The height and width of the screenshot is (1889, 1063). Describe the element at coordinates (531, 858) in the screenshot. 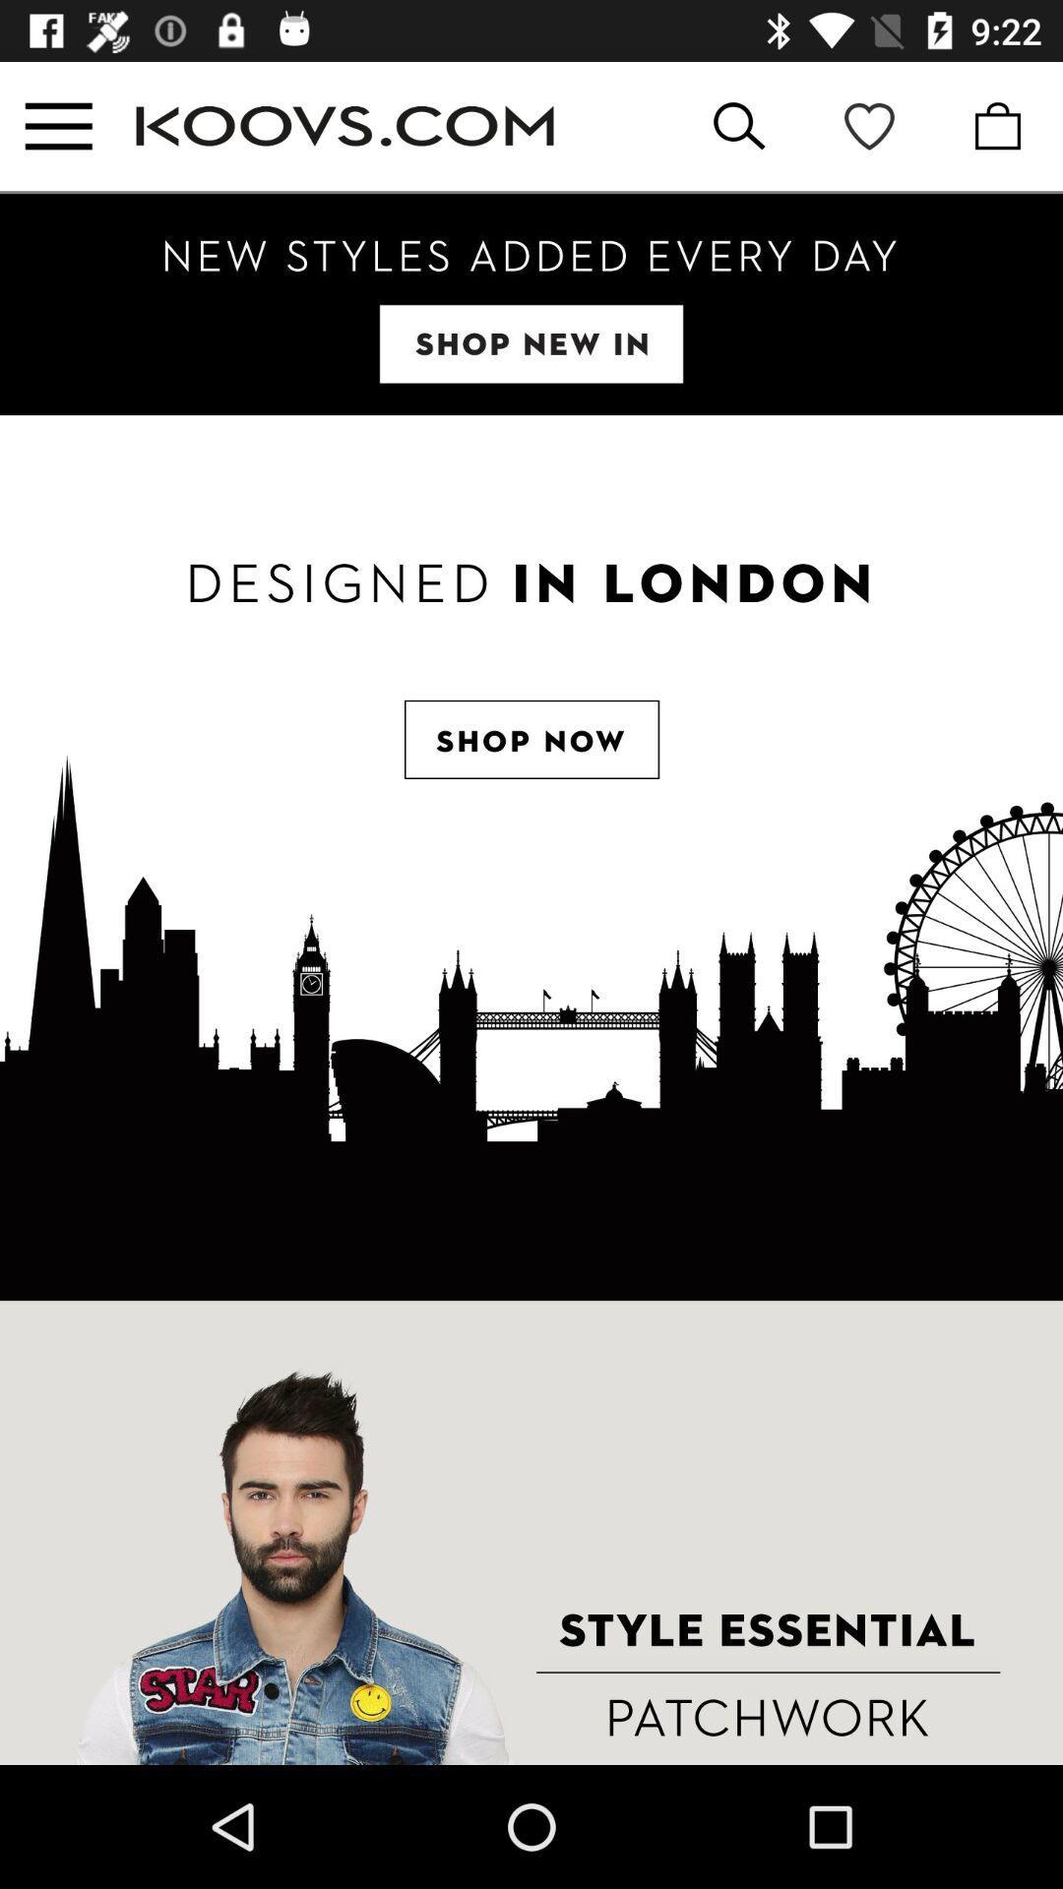

I see `browse the designed in london category` at that location.